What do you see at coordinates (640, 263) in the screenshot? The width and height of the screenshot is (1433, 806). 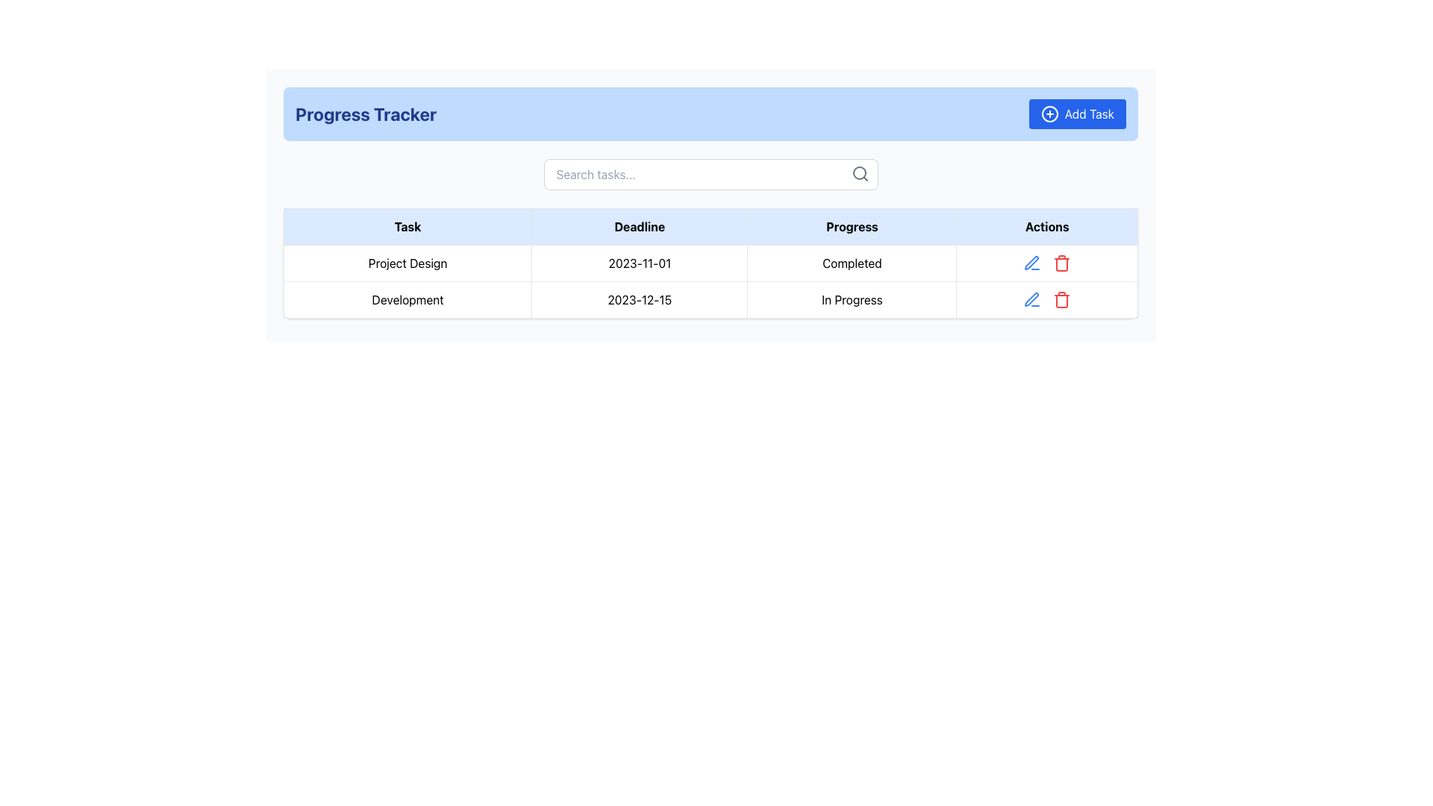 I see `the text element displaying '2023-11-01' located in the second column of the table row for 'Project Design'` at bounding box center [640, 263].